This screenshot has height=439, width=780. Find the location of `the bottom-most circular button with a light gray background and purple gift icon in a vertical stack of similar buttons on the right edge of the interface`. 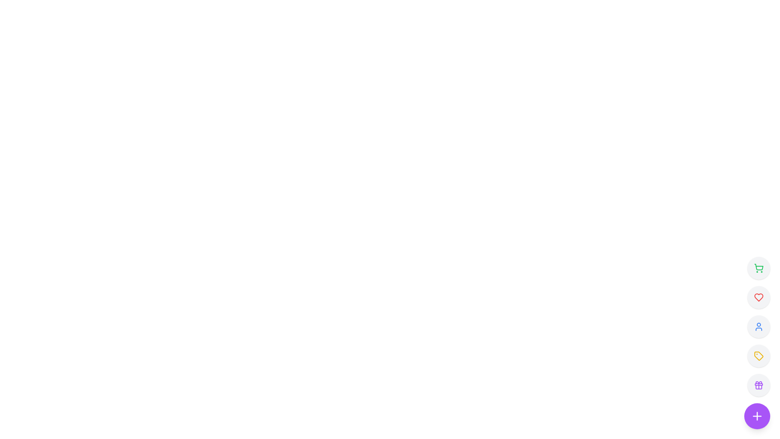

the bottom-most circular button with a light gray background and purple gift icon in a vertical stack of similar buttons on the right edge of the interface is located at coordinates (758, 385).